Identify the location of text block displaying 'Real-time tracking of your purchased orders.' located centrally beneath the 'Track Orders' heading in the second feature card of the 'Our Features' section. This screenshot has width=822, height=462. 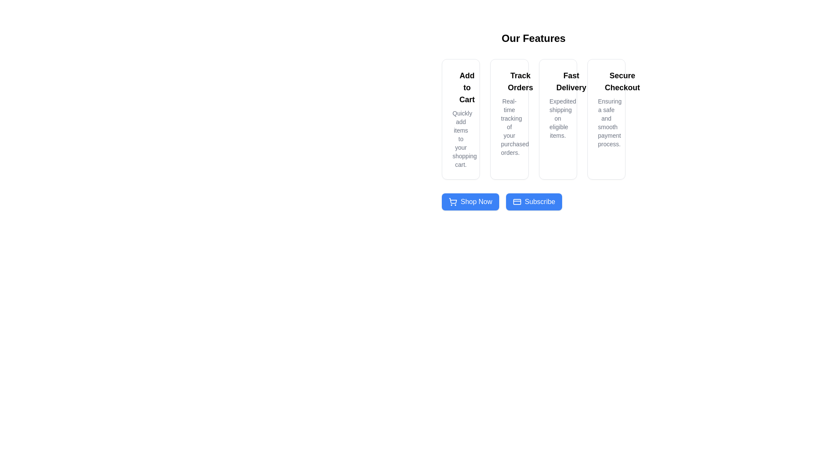
(509, 127).